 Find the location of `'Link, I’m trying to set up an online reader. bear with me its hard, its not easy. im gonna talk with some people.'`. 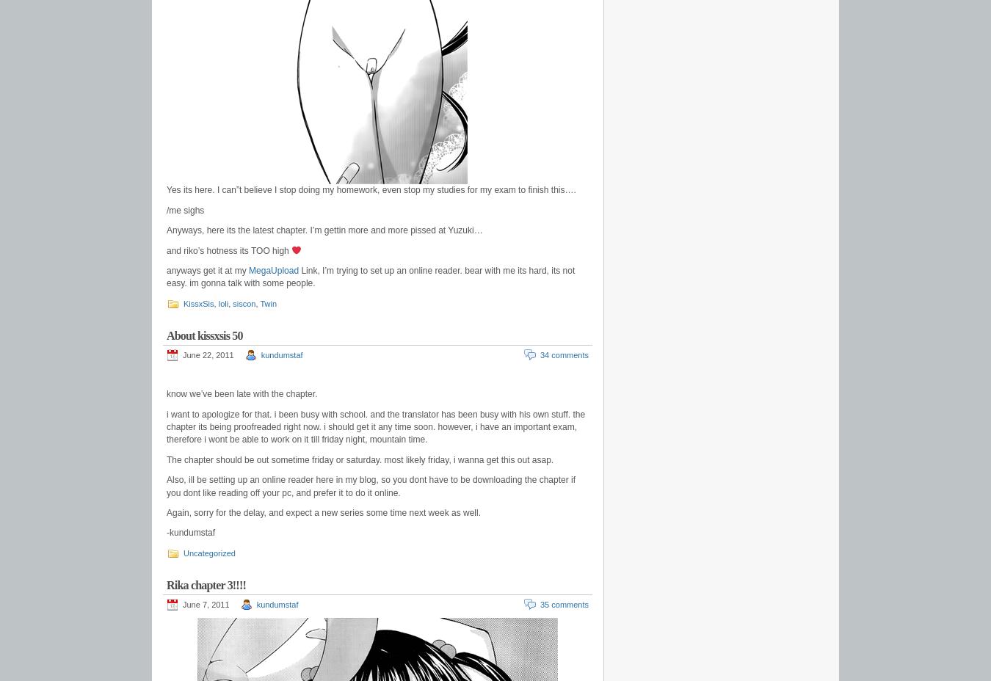

'Link, I’m trying to set up an online reader. bear with me its hard, its not easy. im gonna talk with some people.' is located at coordinates (370, 277).